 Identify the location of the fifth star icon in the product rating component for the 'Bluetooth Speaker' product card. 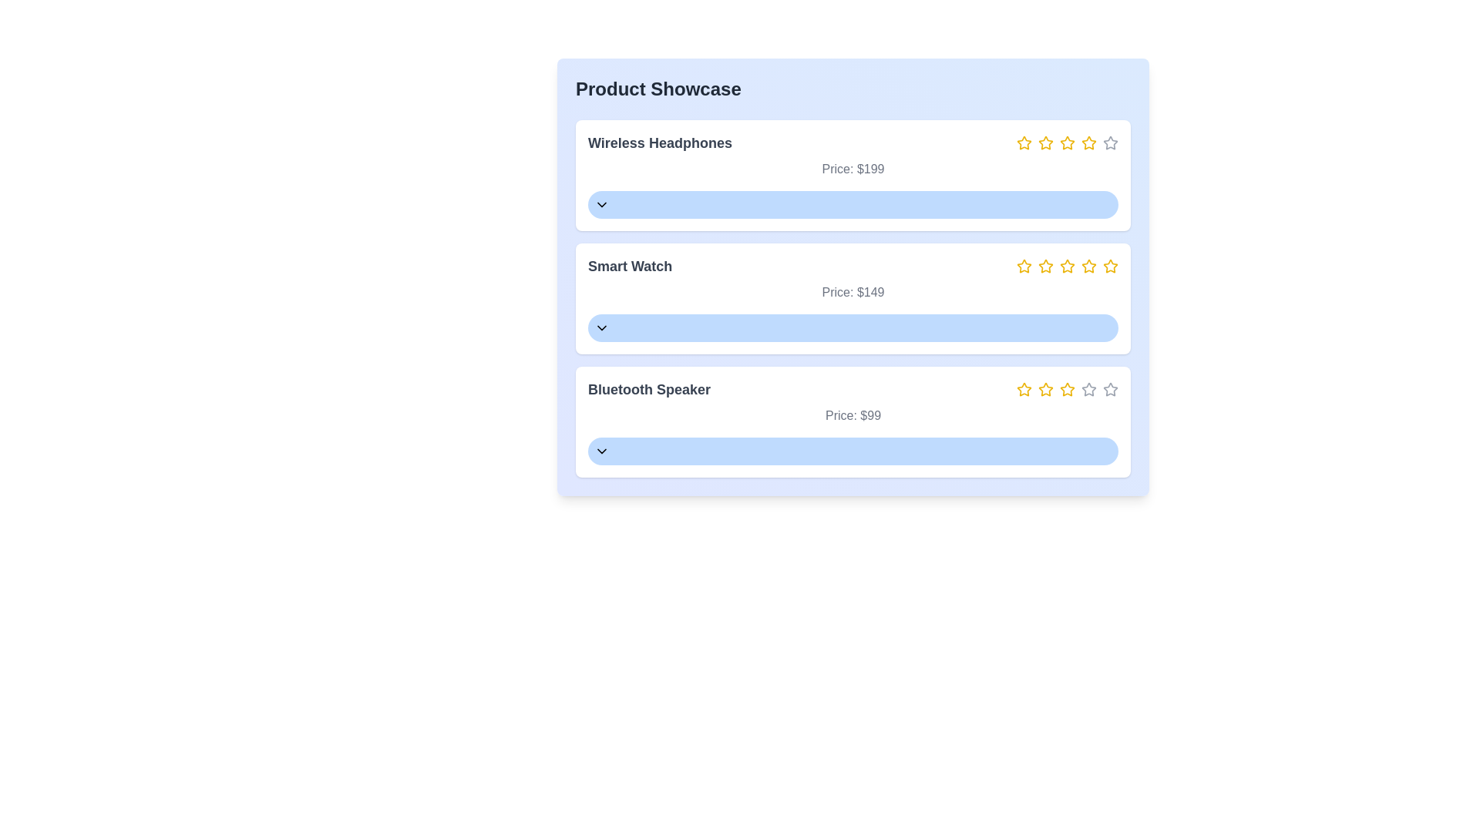
(1110, 388).